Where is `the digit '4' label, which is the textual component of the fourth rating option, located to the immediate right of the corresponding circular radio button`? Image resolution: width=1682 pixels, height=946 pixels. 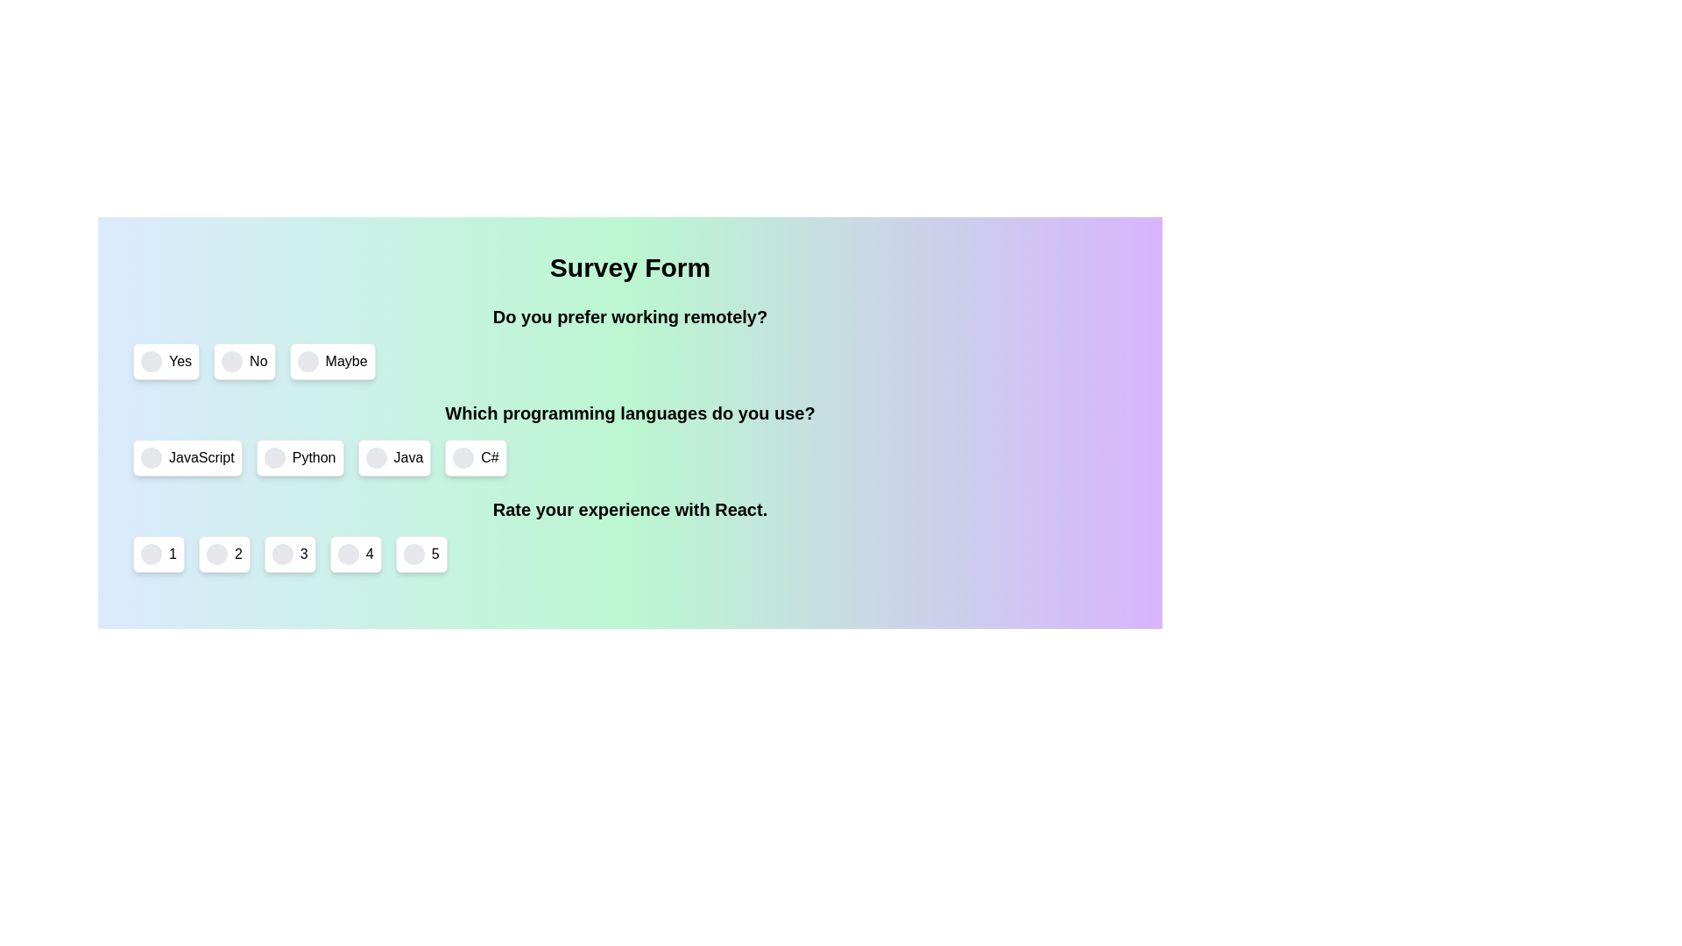 the digit '4' label, which is the textual component of the fourth rating option, located to the immediate right of the corresponding circular radio button is located at coordinates (369, 554).